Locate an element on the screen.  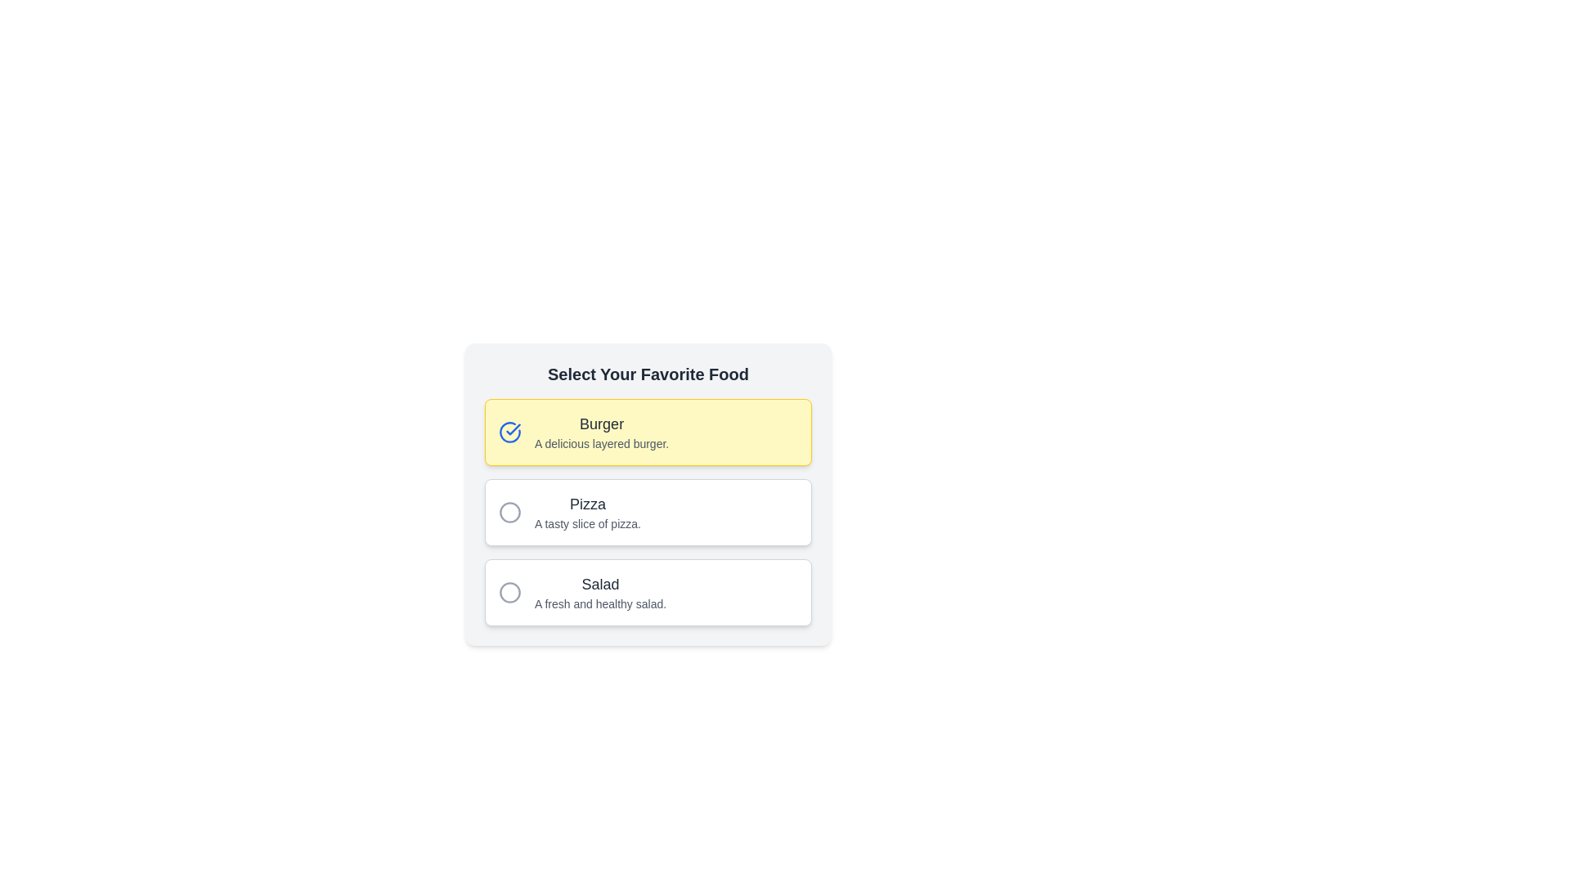
the status of the circular icon with a blue checkmark located within the 'Burger' section of the food item selection card is located at coordinates (509, 431).